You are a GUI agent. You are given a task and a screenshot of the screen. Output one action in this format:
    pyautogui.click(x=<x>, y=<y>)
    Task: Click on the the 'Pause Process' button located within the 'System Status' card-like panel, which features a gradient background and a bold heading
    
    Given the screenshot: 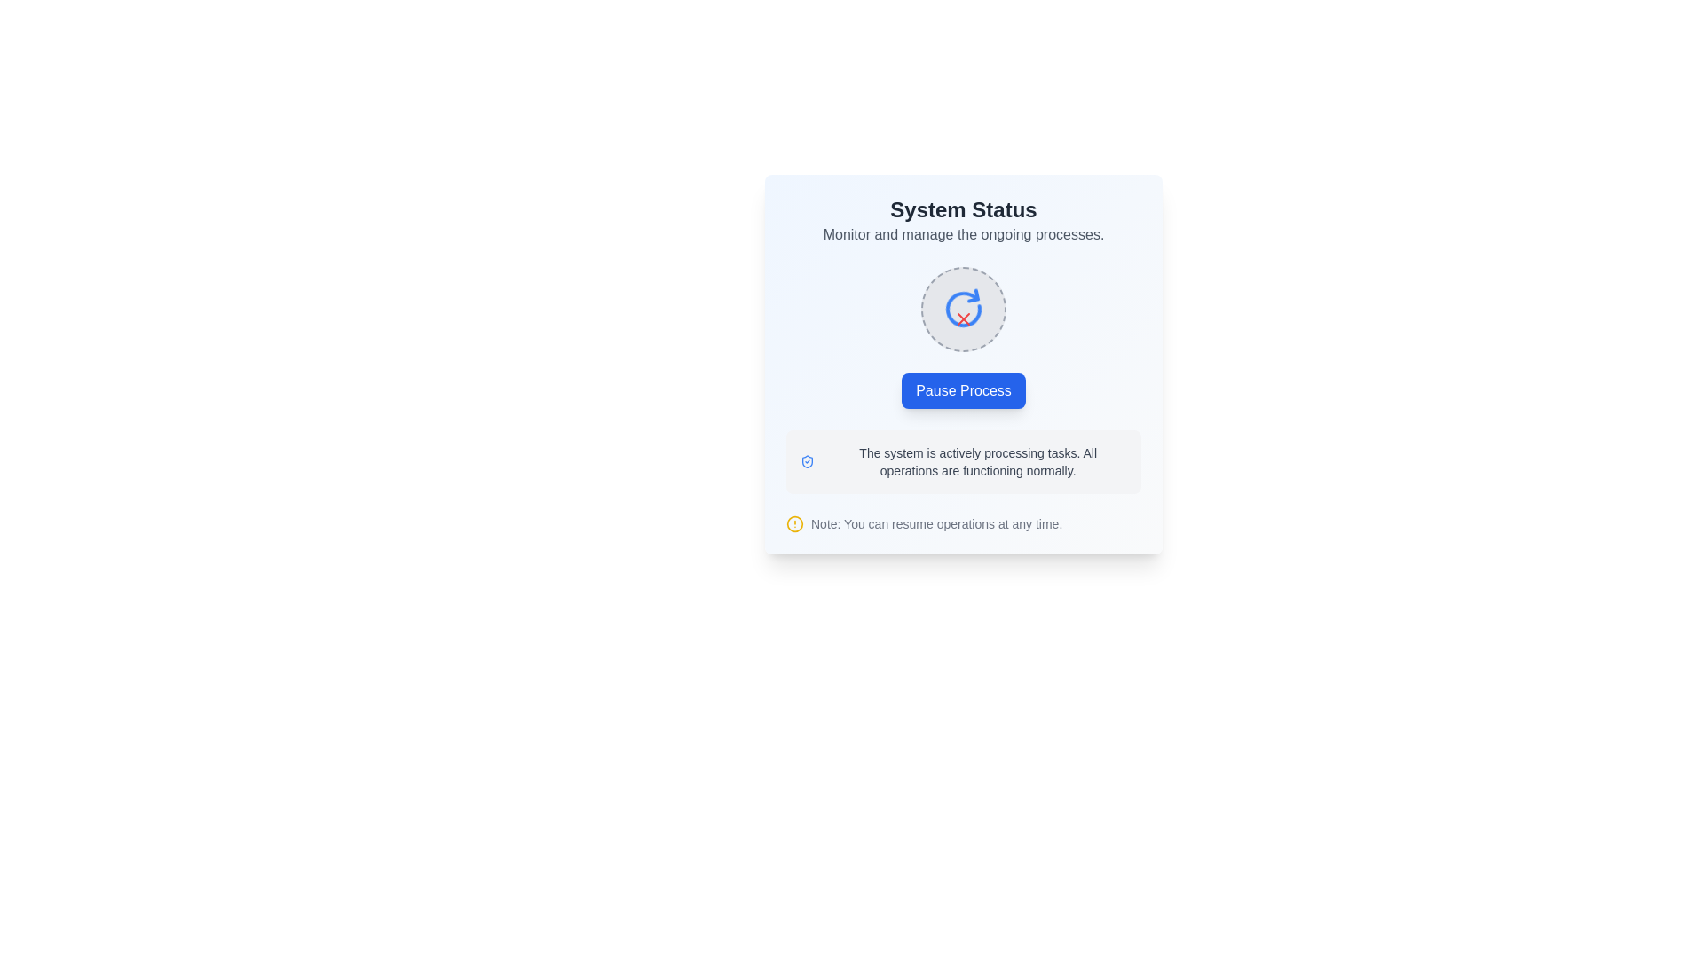 What is the action you would take?
    pyautogui.click(x=962, y=364)
    